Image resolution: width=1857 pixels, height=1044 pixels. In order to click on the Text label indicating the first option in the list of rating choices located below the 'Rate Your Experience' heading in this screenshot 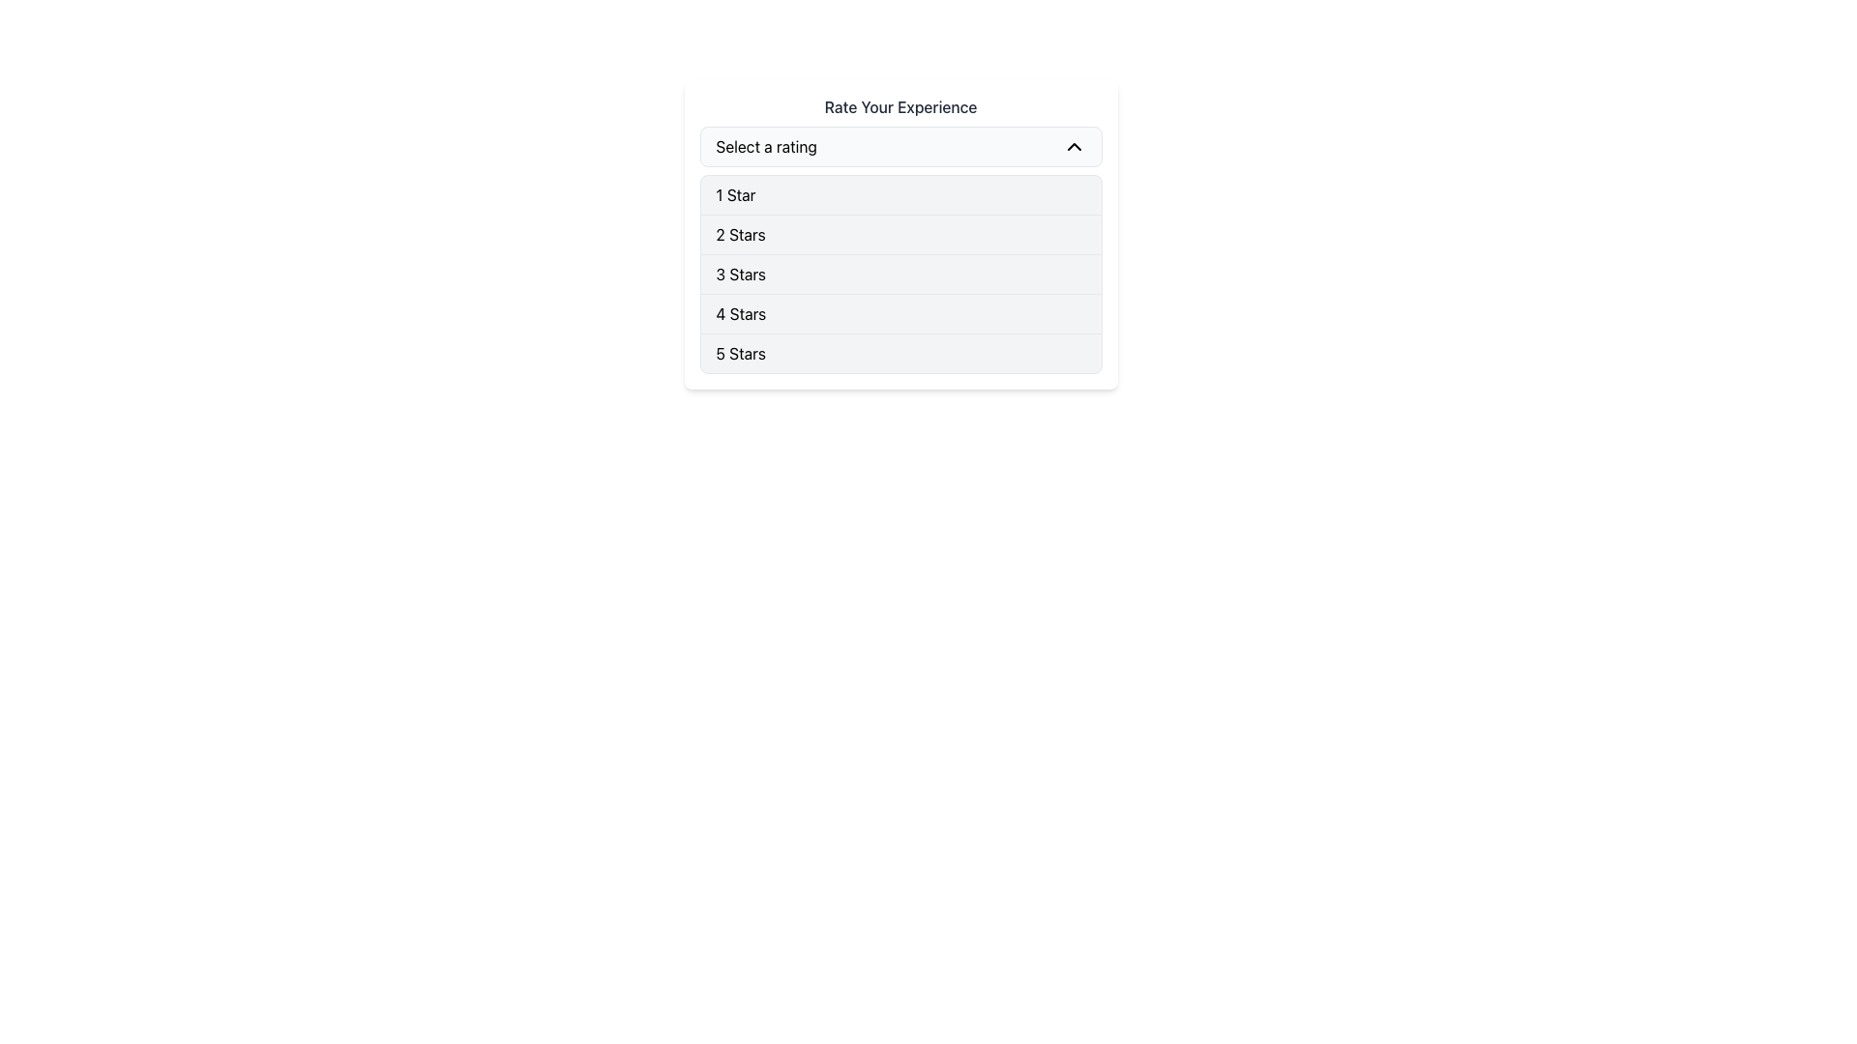, I will do `click(734, 194)`.